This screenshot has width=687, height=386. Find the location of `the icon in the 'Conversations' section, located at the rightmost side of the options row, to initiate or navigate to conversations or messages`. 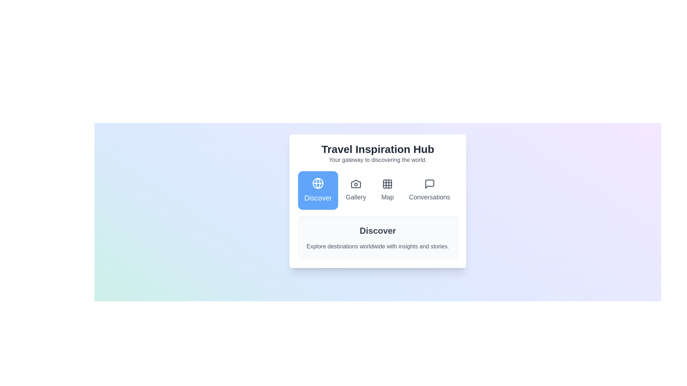

the icon in the 'Conversations' section, located at the rightmost side of the options row, to initiate or navigate to conversations or messages is located at coordinates (429, 184).